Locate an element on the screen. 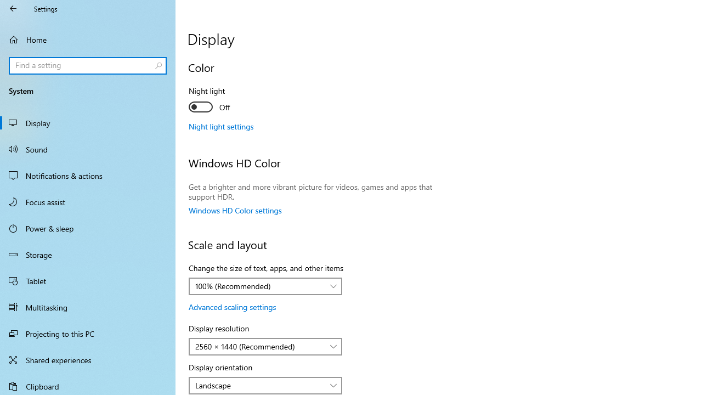 This screenshot has height=395, width=702. 'Display resolution' is located at coordinates (265, 347).